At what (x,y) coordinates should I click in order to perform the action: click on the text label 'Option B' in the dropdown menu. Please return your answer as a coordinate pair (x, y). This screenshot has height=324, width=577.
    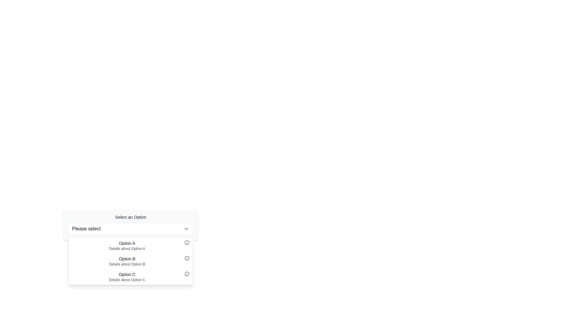
    Looking at the image, I should click on (127, 259).